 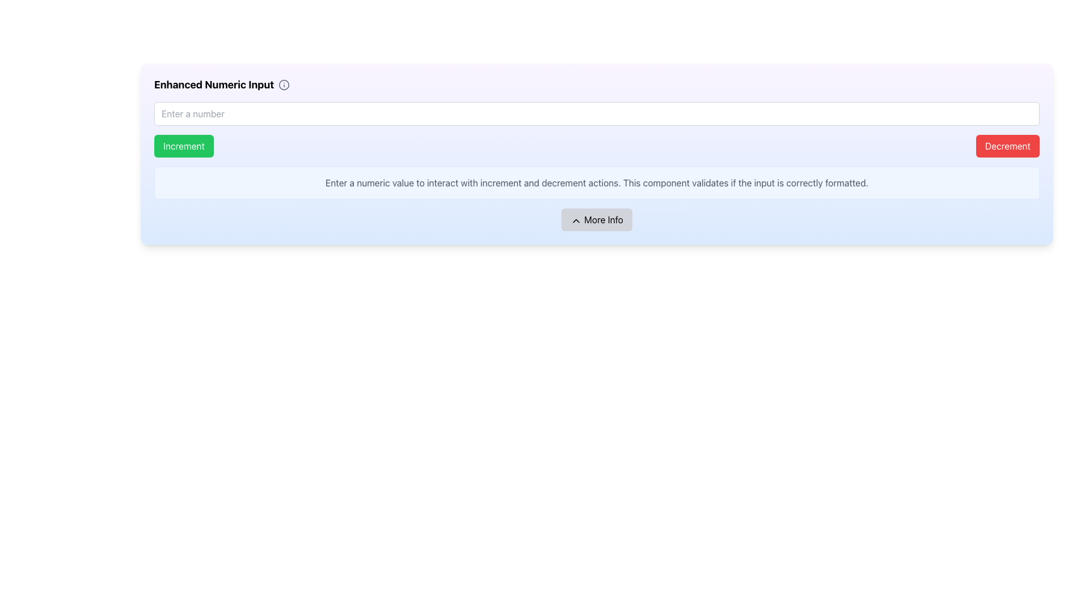 I want to click on the circular vector graphic element within the SVG that is adjacent to the title 'Enhanced Numeric Input', so click(x=284, y=84).